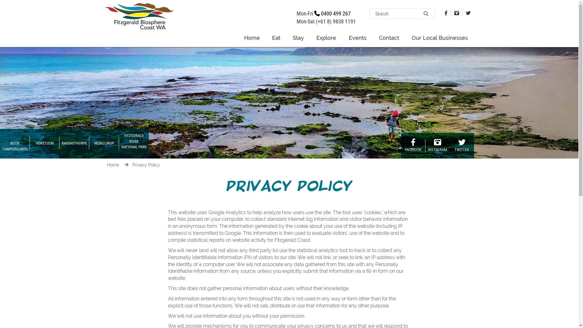 The image size is (583, 328). What do you see at coordinates (332, 13) in the screenshot?
I see `' 0400 499 267'` at bounding box center [332, 13].